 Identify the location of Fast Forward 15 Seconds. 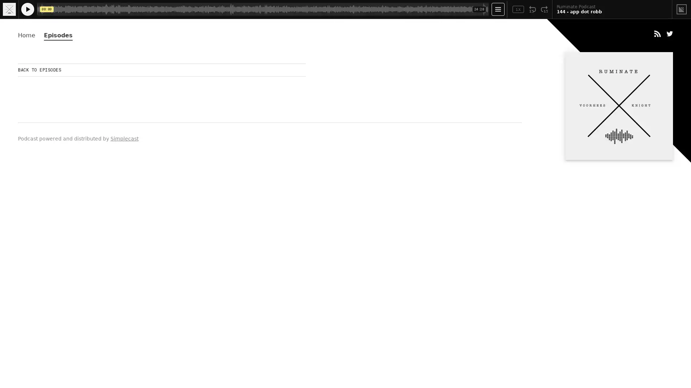
(544, 9).